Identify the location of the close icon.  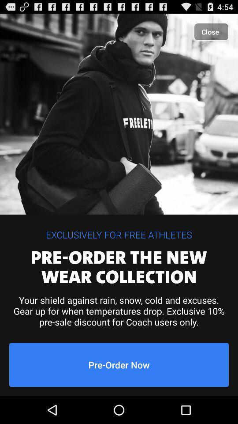
(211, 32).